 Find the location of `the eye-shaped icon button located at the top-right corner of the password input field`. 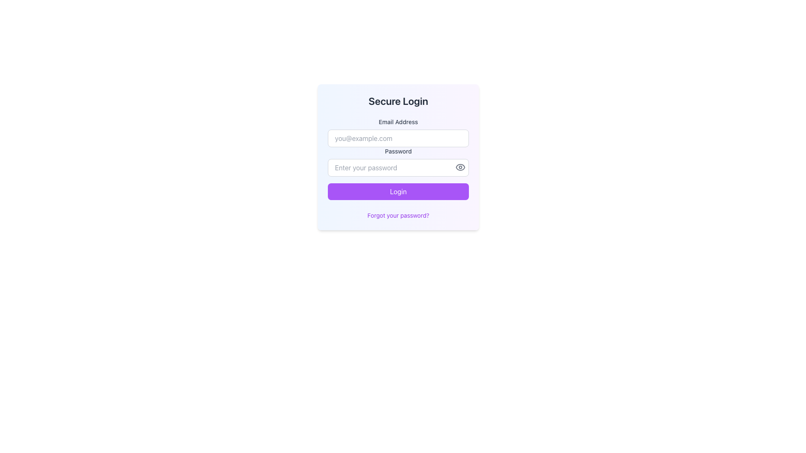

the eye-shaped icon button located at the top-right corner of the password input field is located at coordinates (460, 167).